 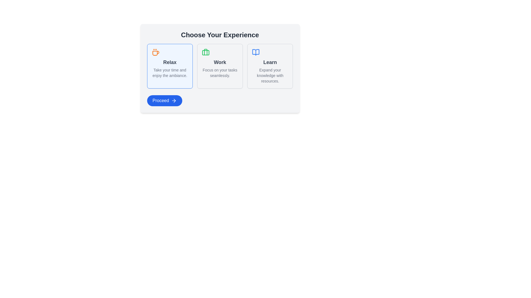 I want to click on the green briefcase icon located in the middle card labeled 'Work', so click(x=205, y=52).